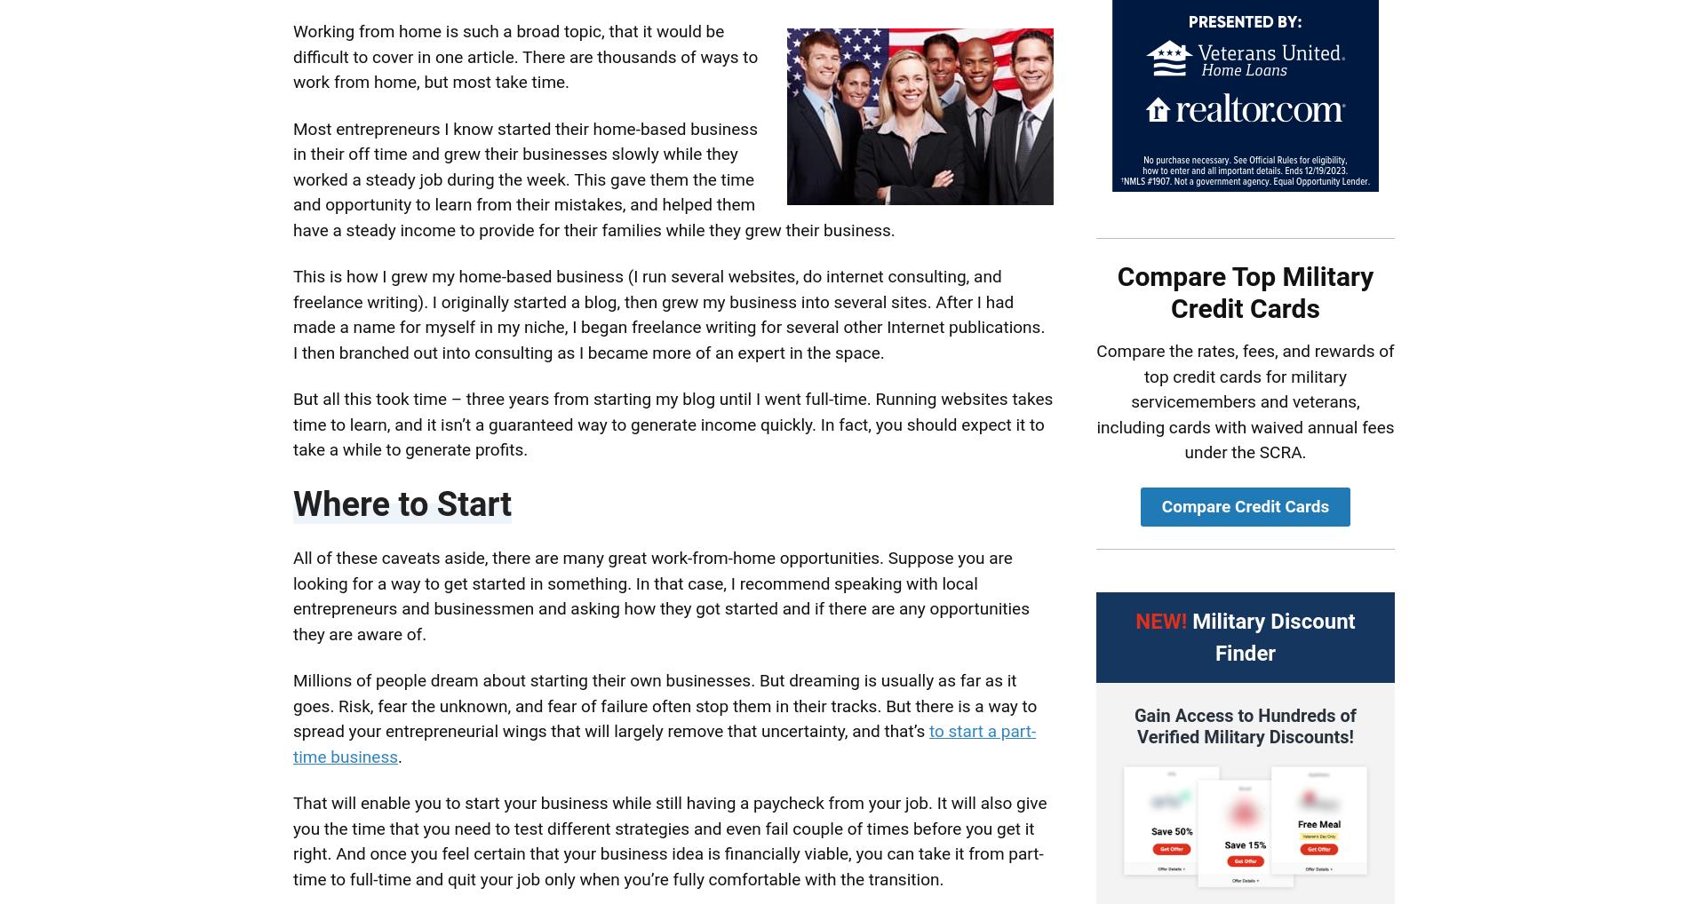 This screenshot has width=1688, height=904. I want to click on 'Military Discount Finder', so click(1270, 635).